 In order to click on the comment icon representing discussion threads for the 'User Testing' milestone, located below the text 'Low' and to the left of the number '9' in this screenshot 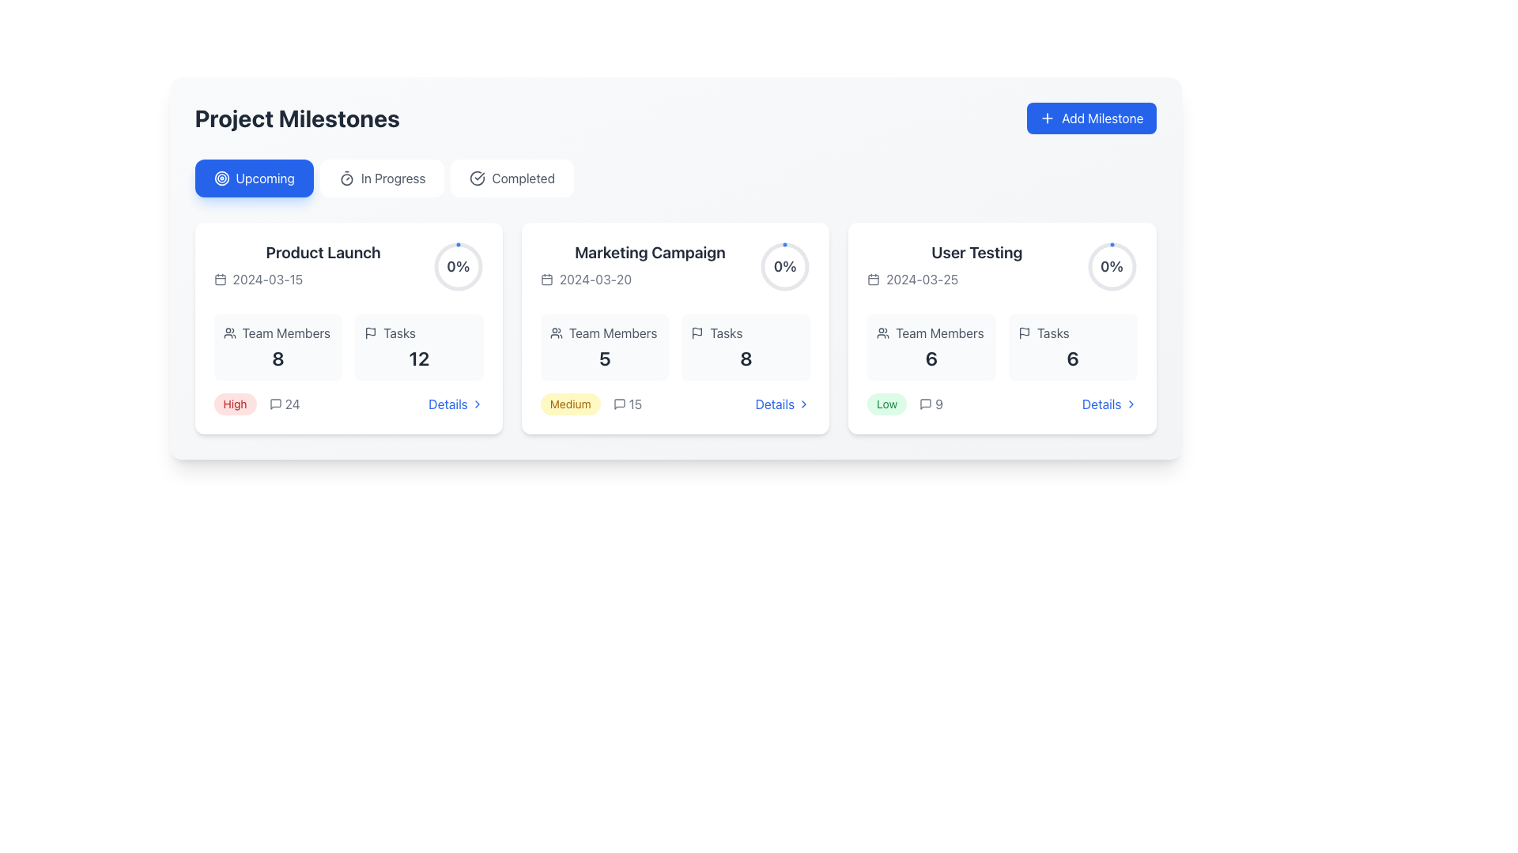, I will do `click(926, 404)`.